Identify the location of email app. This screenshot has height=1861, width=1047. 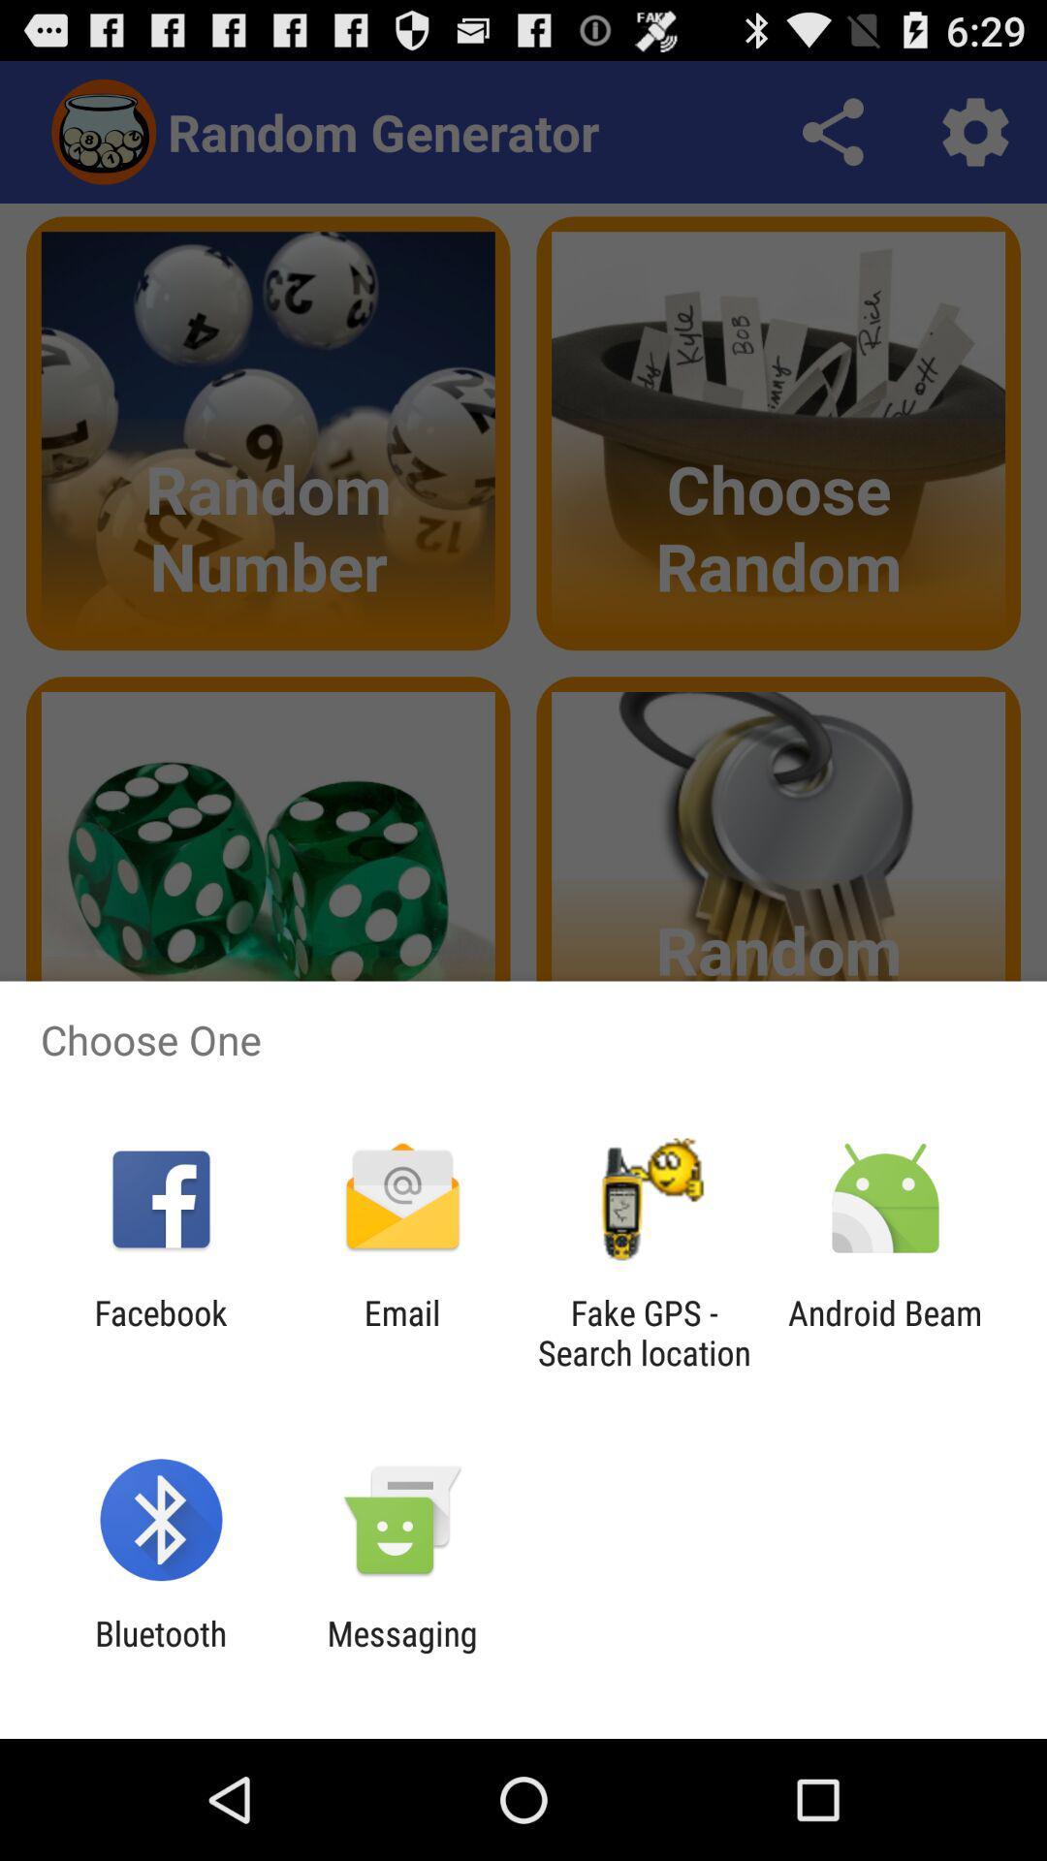
(401, 1332).